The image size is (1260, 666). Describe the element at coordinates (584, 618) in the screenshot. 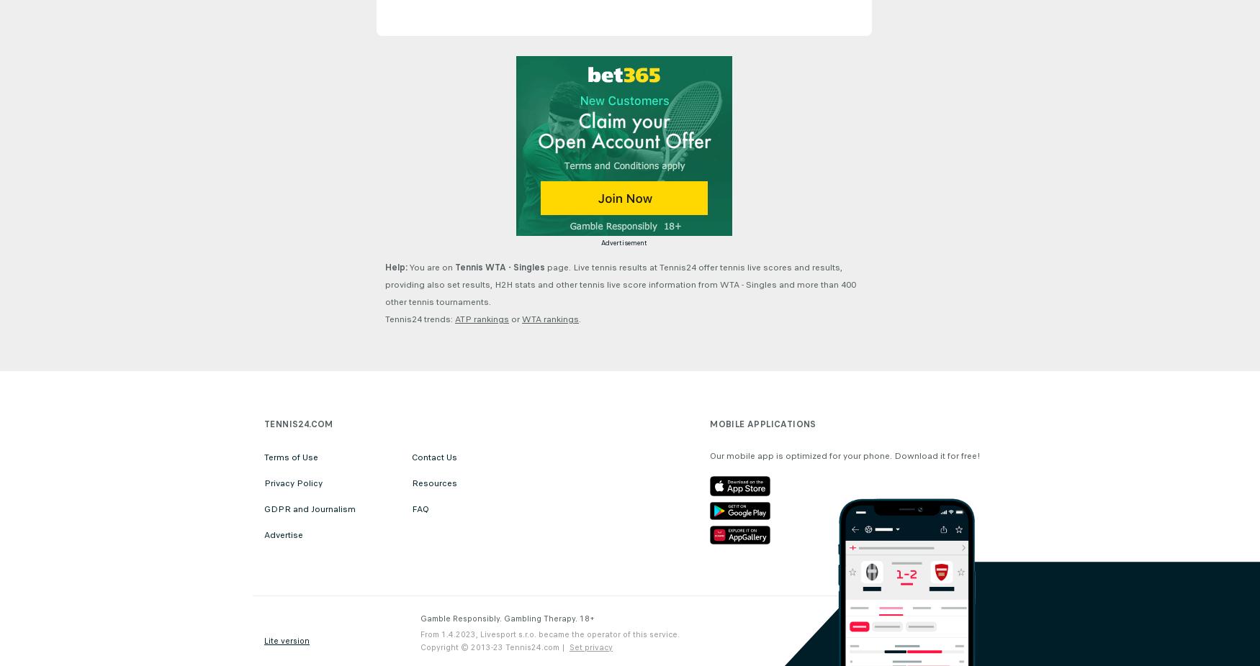

I see `'. 18+'` at that location.